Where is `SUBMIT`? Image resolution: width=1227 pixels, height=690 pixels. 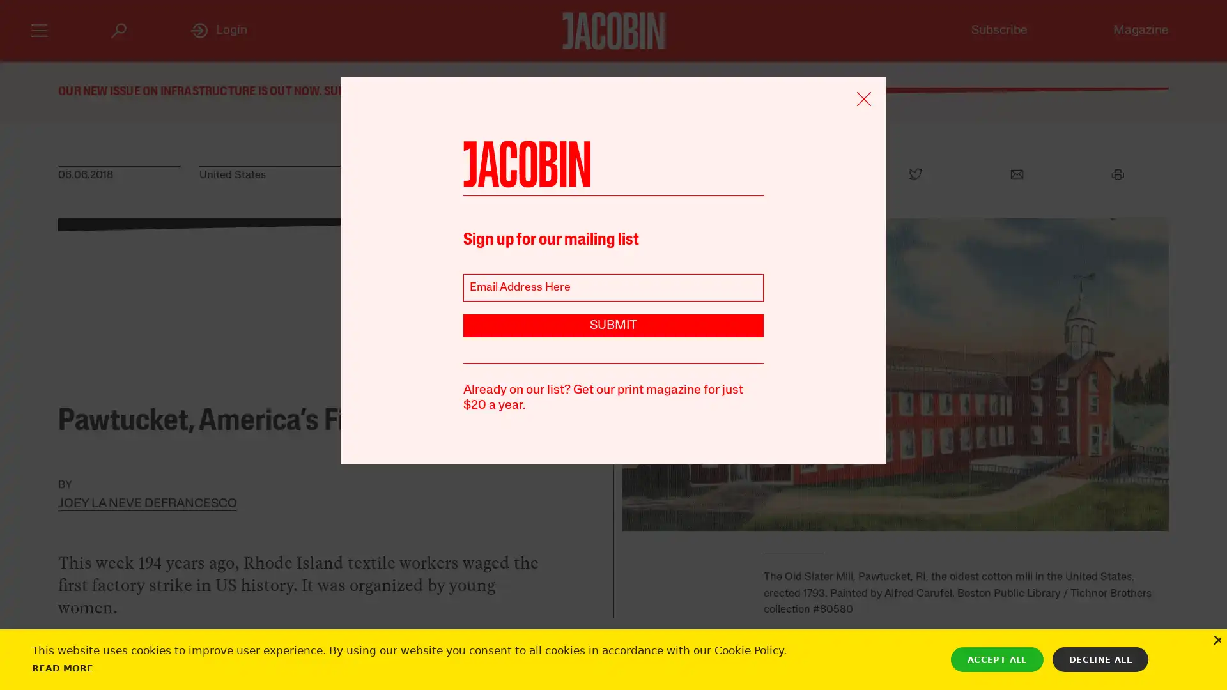
SUBMIT is located at coordinates (612, 325).